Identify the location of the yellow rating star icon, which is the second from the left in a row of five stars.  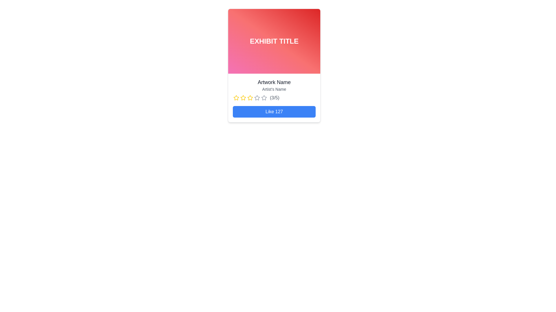
(243, 98).